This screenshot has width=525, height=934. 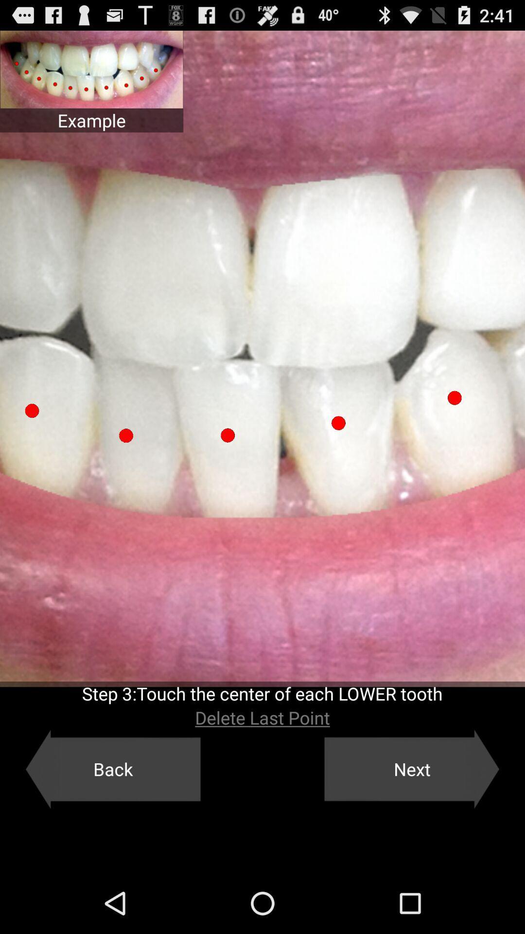 I want to click on icon below the step 3 touch item, so click(x=262, y=718).